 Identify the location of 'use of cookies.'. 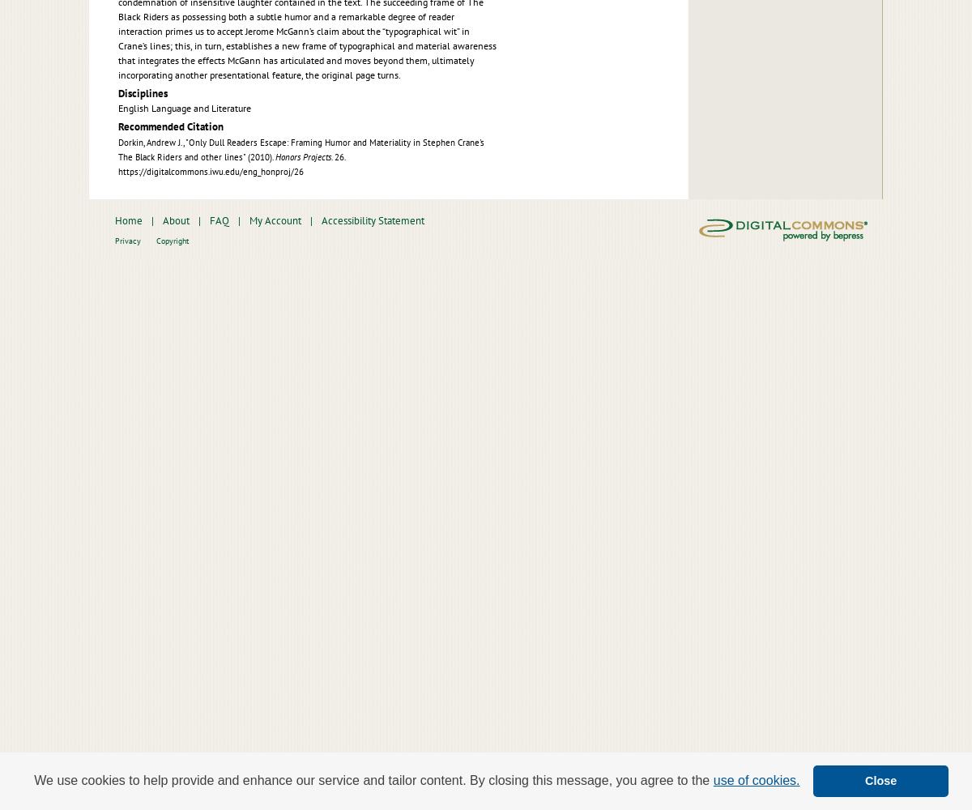
(711, 779).